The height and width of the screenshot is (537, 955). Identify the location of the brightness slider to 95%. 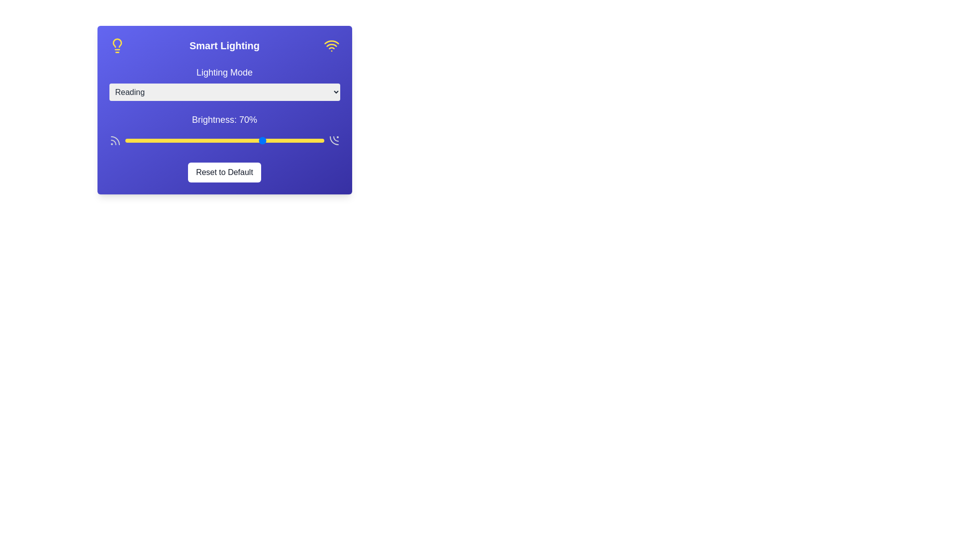
(313, 140).